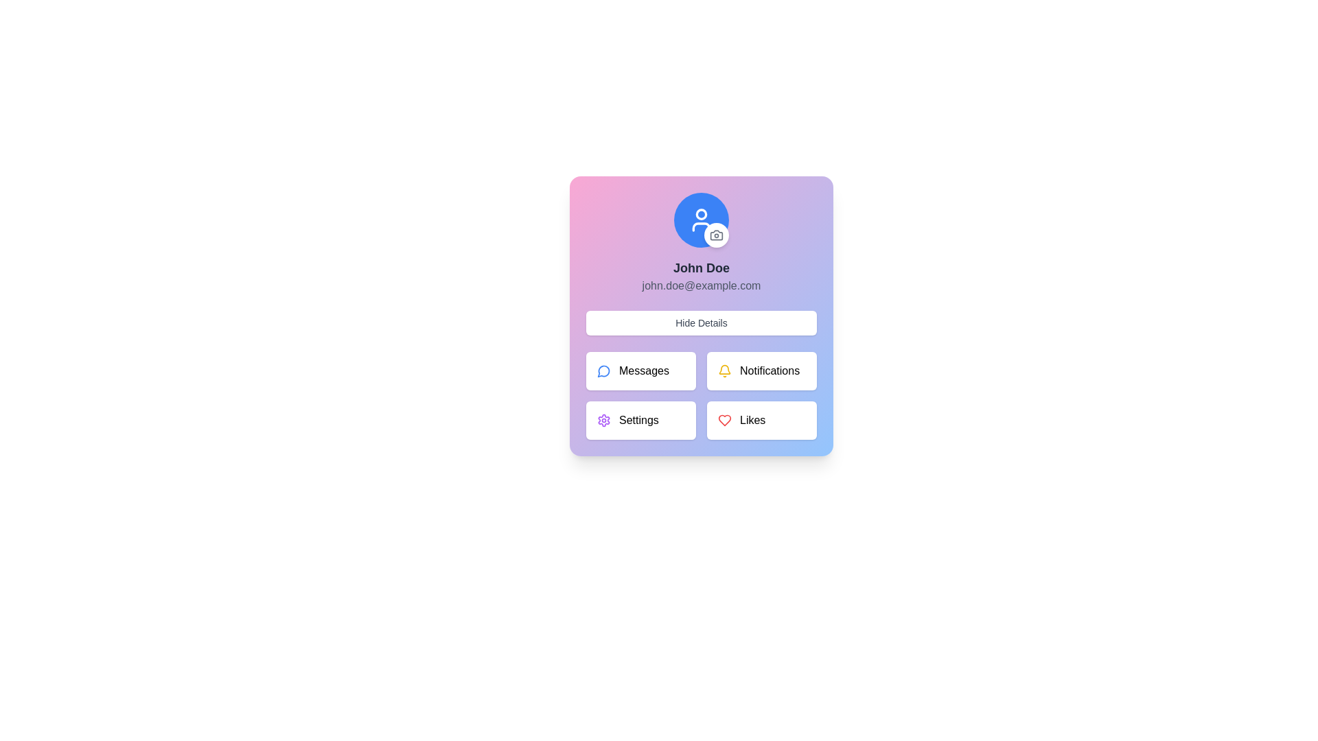  Describe the element at coordinates (702, 219) in the screenshot. I see `the user profile icon located at the top-center of the pop-up interface card` at that location.